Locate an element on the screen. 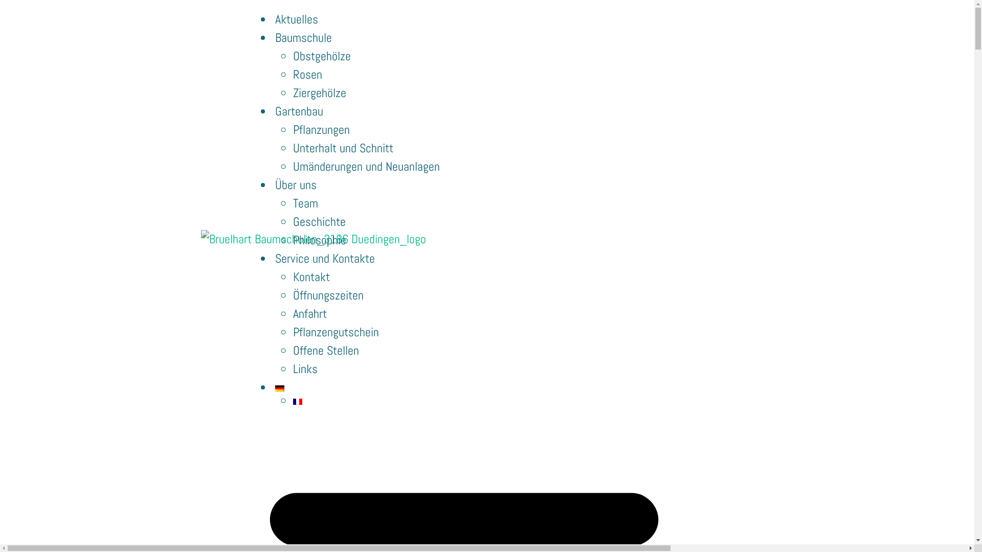  'Aktuelles' is located at coordinates (272, 19).